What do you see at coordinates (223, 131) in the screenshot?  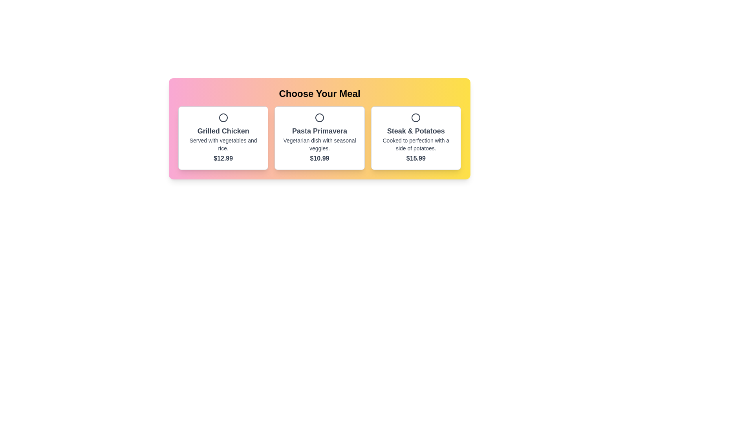 I see `the bold text 'Grilled Chicken' located at the top of the first card in the meal options list` at bounding box center [223, 131].